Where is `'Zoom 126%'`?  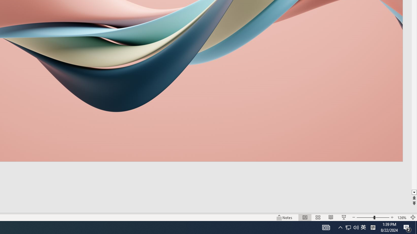
'Zoom 126%' is located at coordinates (402, 217).